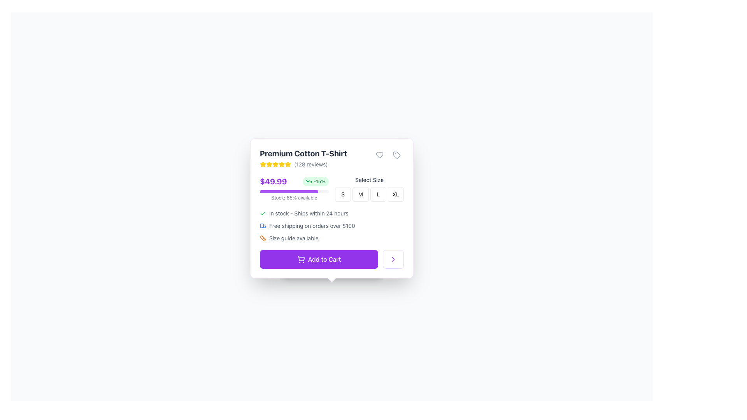 This screenshot has width=747, height=420. I want to click on text displayed in the bold title 'Premium Cotton T-Shirt' located at the top of the product detail card, above the star rating and review count section, so click(303, 153).